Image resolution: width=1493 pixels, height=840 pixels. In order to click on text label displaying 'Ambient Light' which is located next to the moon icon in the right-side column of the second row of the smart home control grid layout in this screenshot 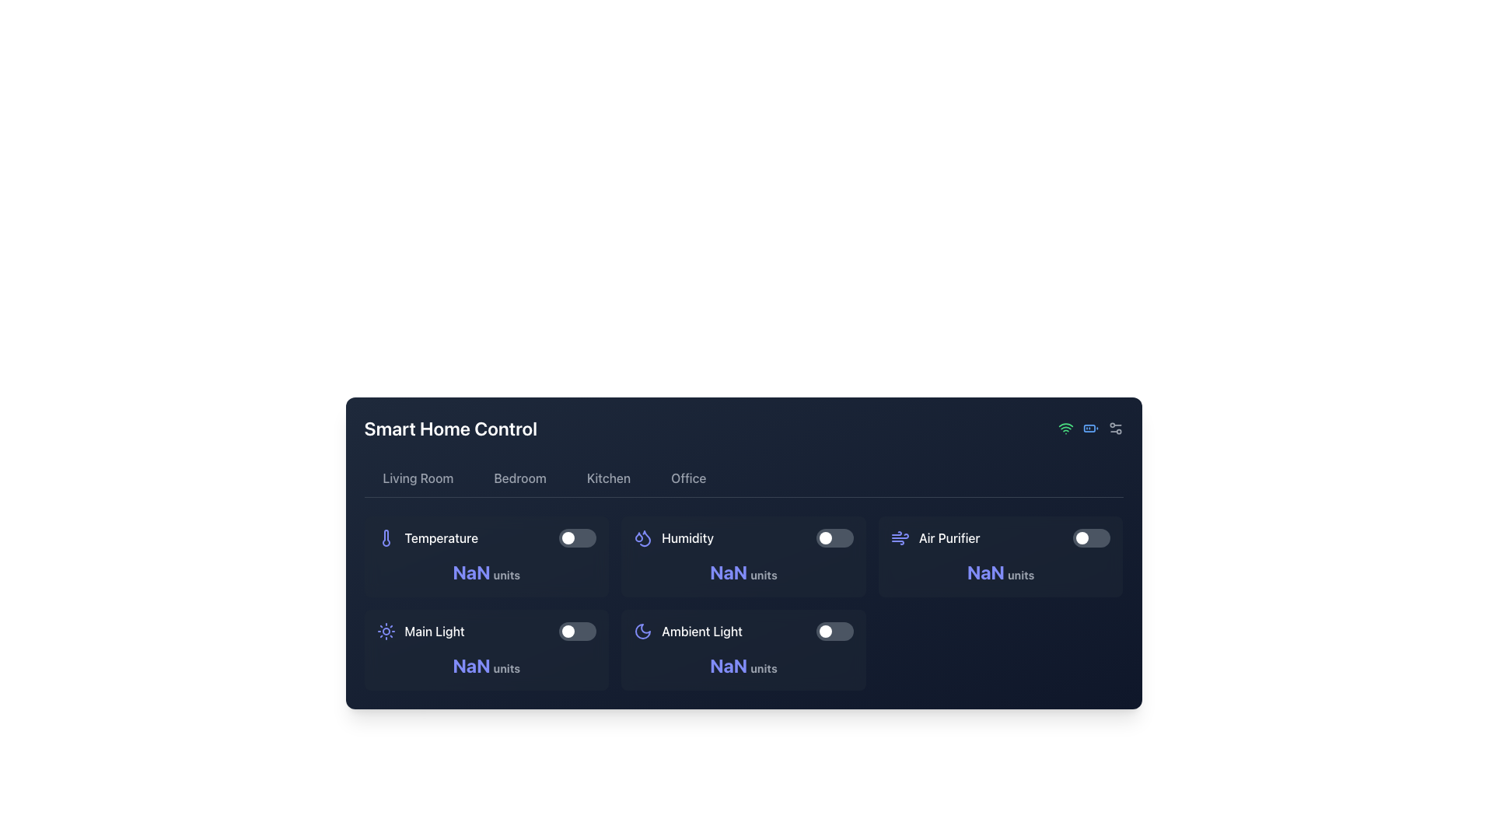, I will do `click(701, 632)`.